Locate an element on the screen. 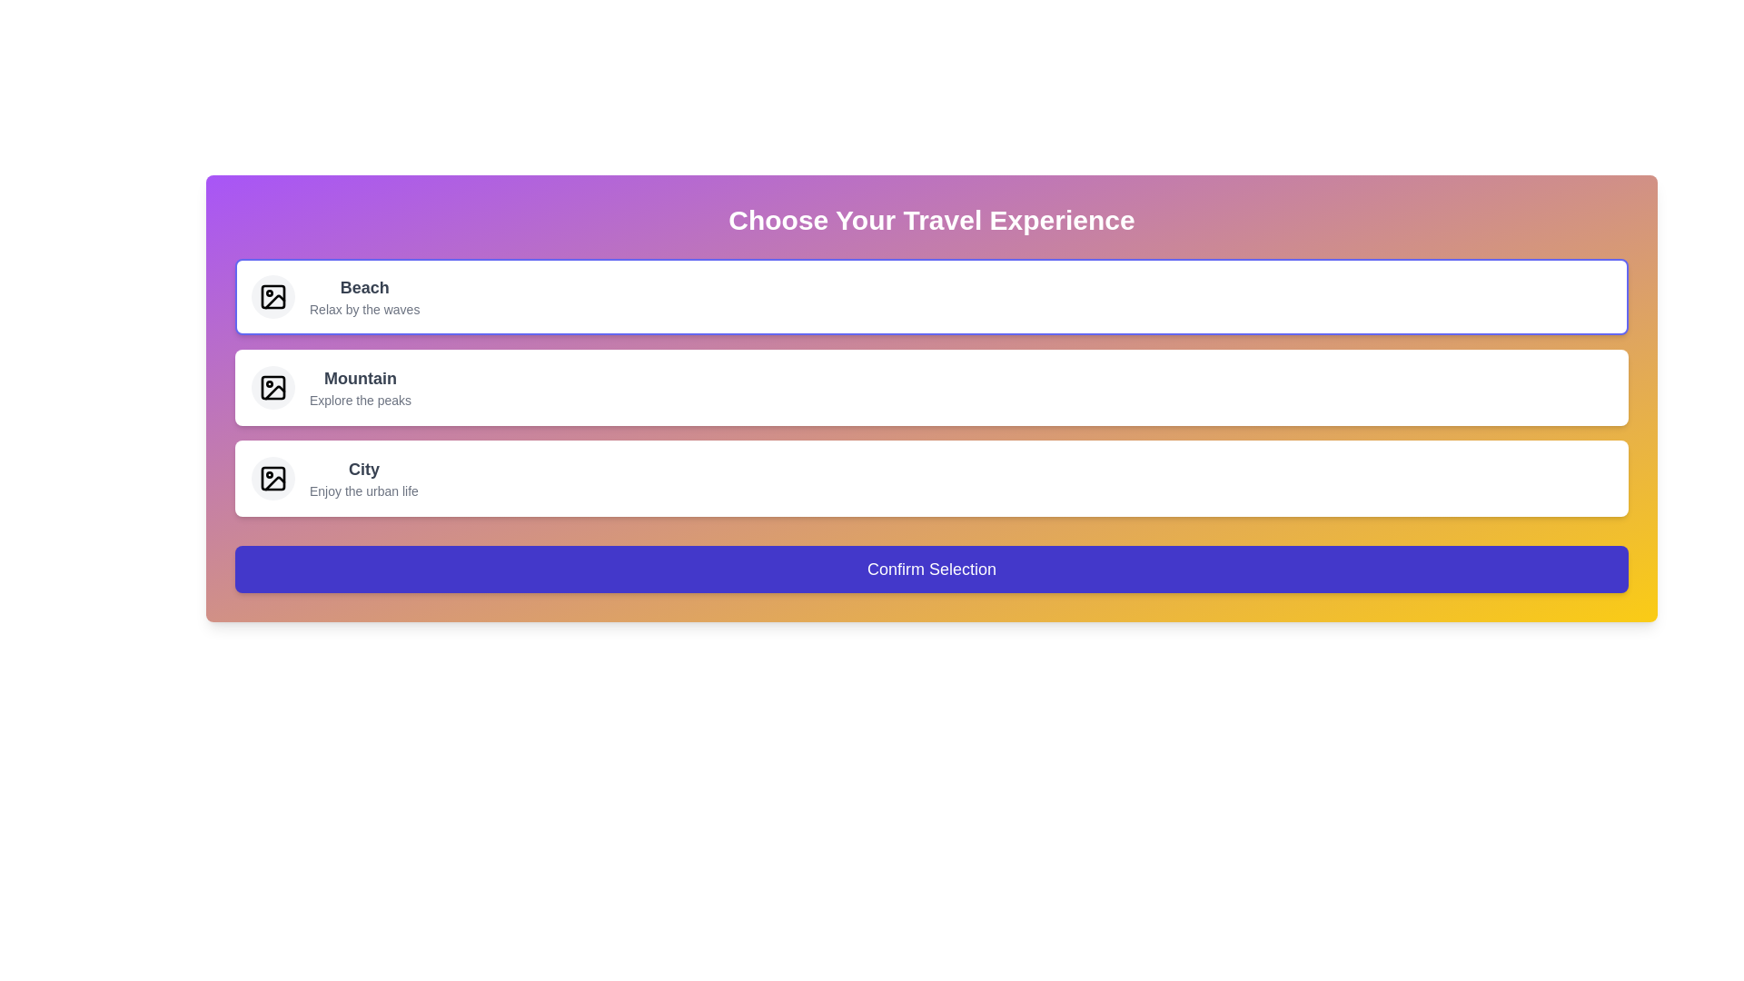 The image size is (1744, 981). the small rounded rectangle shape located within the third item labeled 'City: Enjoy the urban life.' is located at coordinates (272, 478).